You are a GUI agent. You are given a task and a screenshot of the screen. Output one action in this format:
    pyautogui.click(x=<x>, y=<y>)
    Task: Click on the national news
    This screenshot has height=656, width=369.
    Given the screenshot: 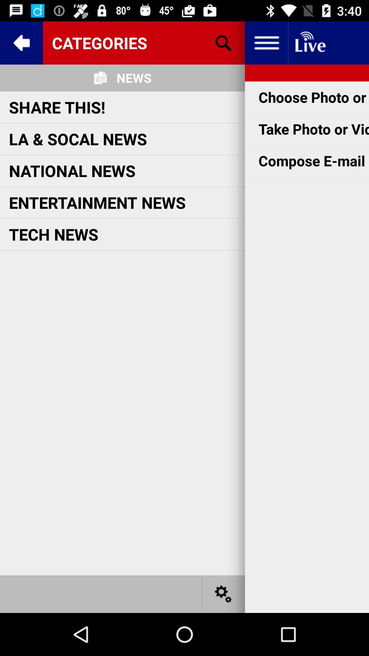 What is the action you would take?
    pyautogui.click(x=72, y=170)
    